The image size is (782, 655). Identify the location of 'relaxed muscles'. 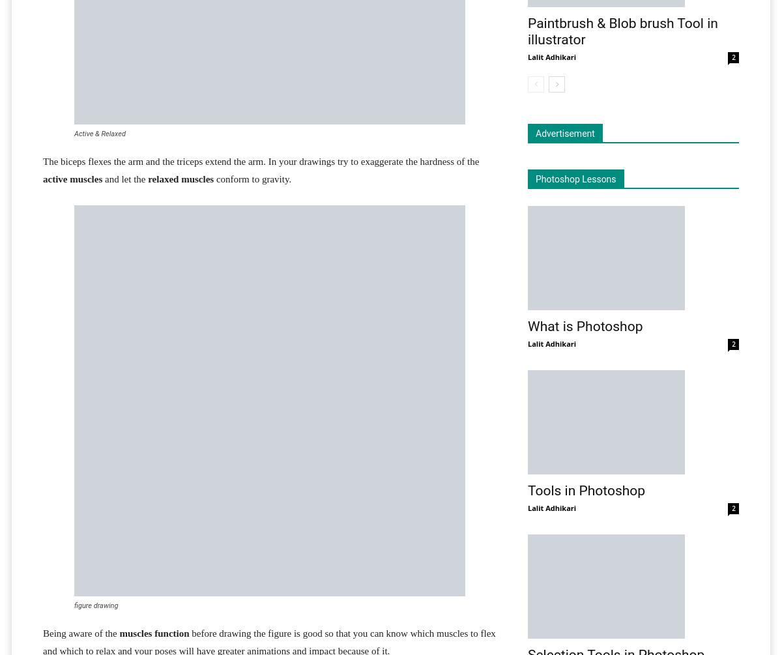
(180, 178).